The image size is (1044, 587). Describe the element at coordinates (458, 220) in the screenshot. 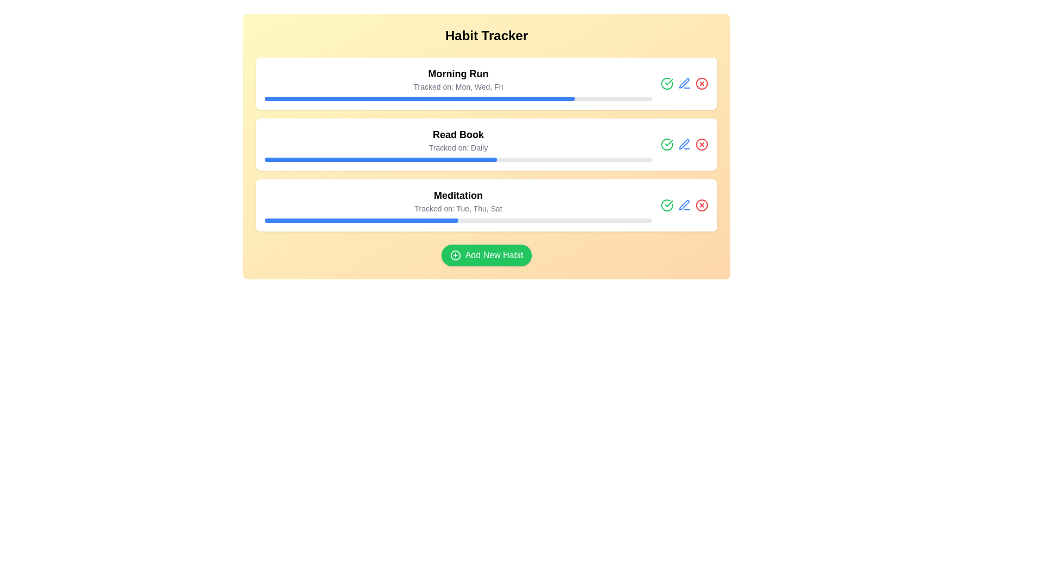

I see `the progress visually on the Progress bar indicating 50% completion for the 'Meditation' habit, located beneath the 'Meditation' title and 'Tracked on: Tue, Thu, Sat' text in the third habit tracking card` at that location.